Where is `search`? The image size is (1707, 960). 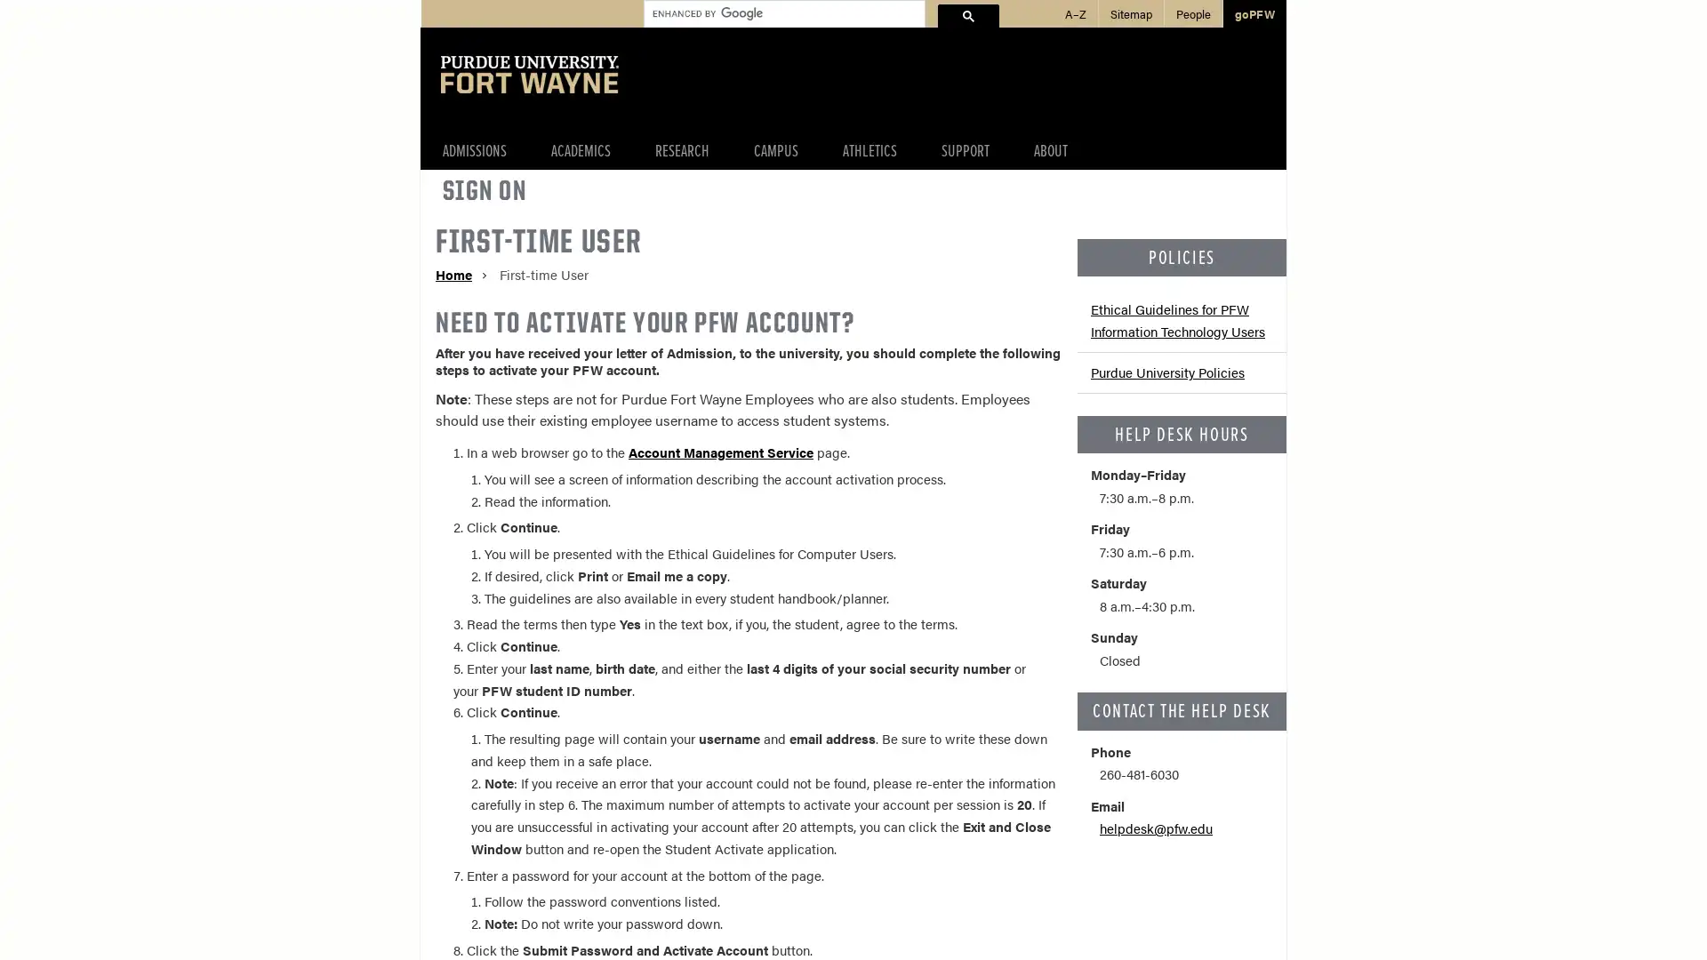 search is located at coordinates (966, 15).